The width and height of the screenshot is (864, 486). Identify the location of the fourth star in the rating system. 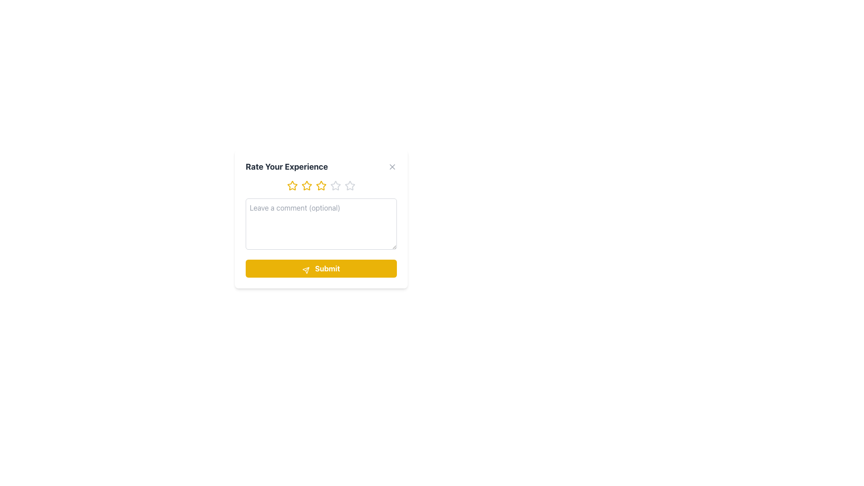
(335, 185).